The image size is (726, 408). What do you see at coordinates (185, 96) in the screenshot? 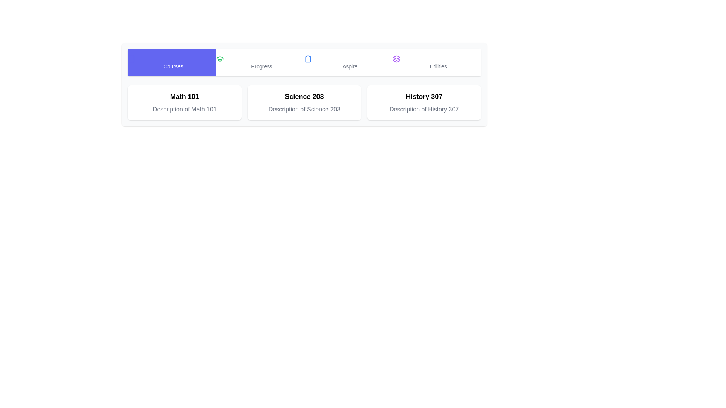
I see `text label identifying the course name as 'Math 101' located at the top section of the first white card under the 'Courses' tab` at bounding box center [185, 96].